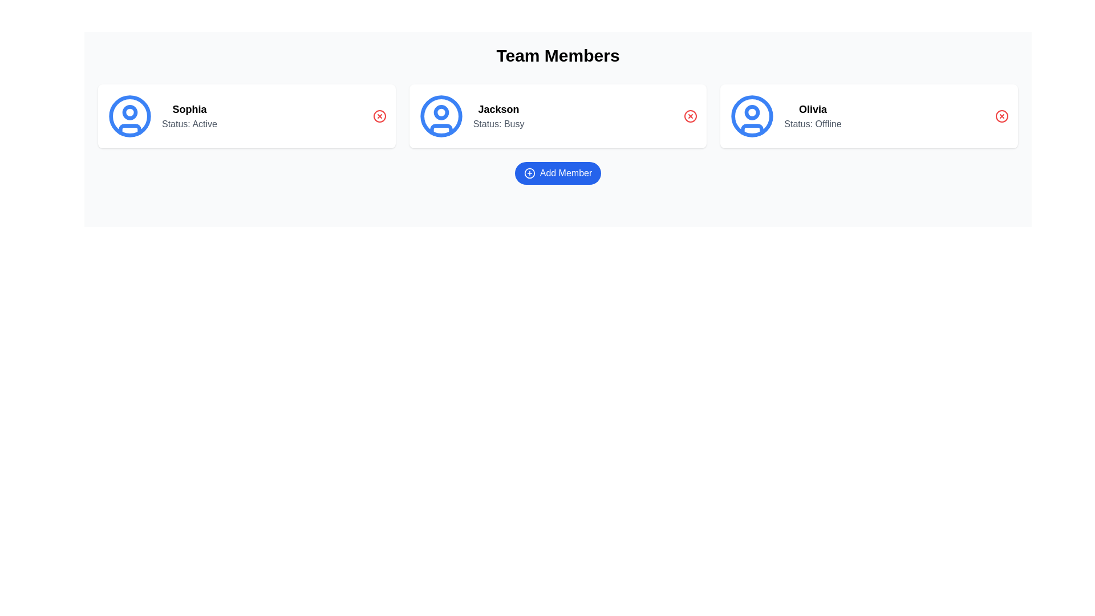  What do you see at coordinates (471, 116) in the screenshot?
I see `the Profile display component containing the blue circular avatar icon and the text 'Jackson' with status 'Busy'` at bounding box center [471, 116].